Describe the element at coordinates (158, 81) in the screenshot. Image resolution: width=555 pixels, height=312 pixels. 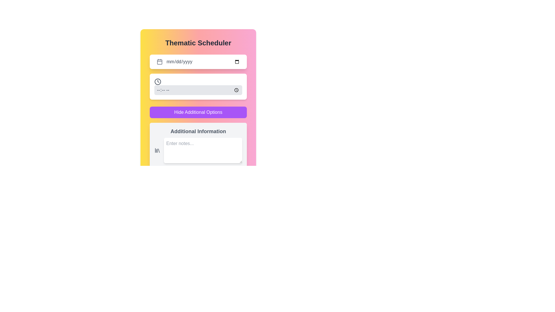
I see `the clock icon, which features a circular outline and two hands indicating time, located to the left of a time input field beneath a date input component` at that location.